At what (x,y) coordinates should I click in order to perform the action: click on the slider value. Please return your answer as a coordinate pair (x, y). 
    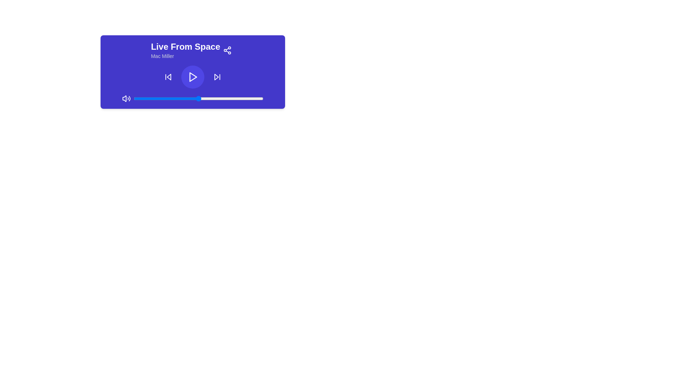
    Looking at the image, I should click on (172, 98).